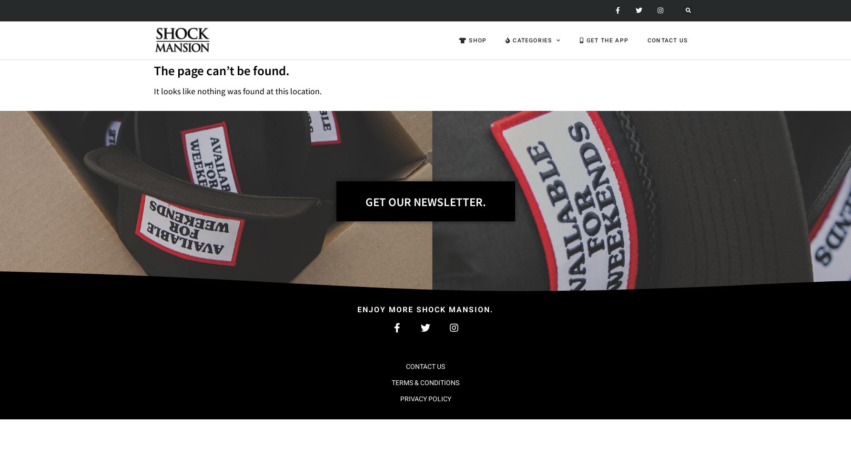 The width and height of the screenshot is (851, 476). I want to click on 'Shop', so click(477, 40).